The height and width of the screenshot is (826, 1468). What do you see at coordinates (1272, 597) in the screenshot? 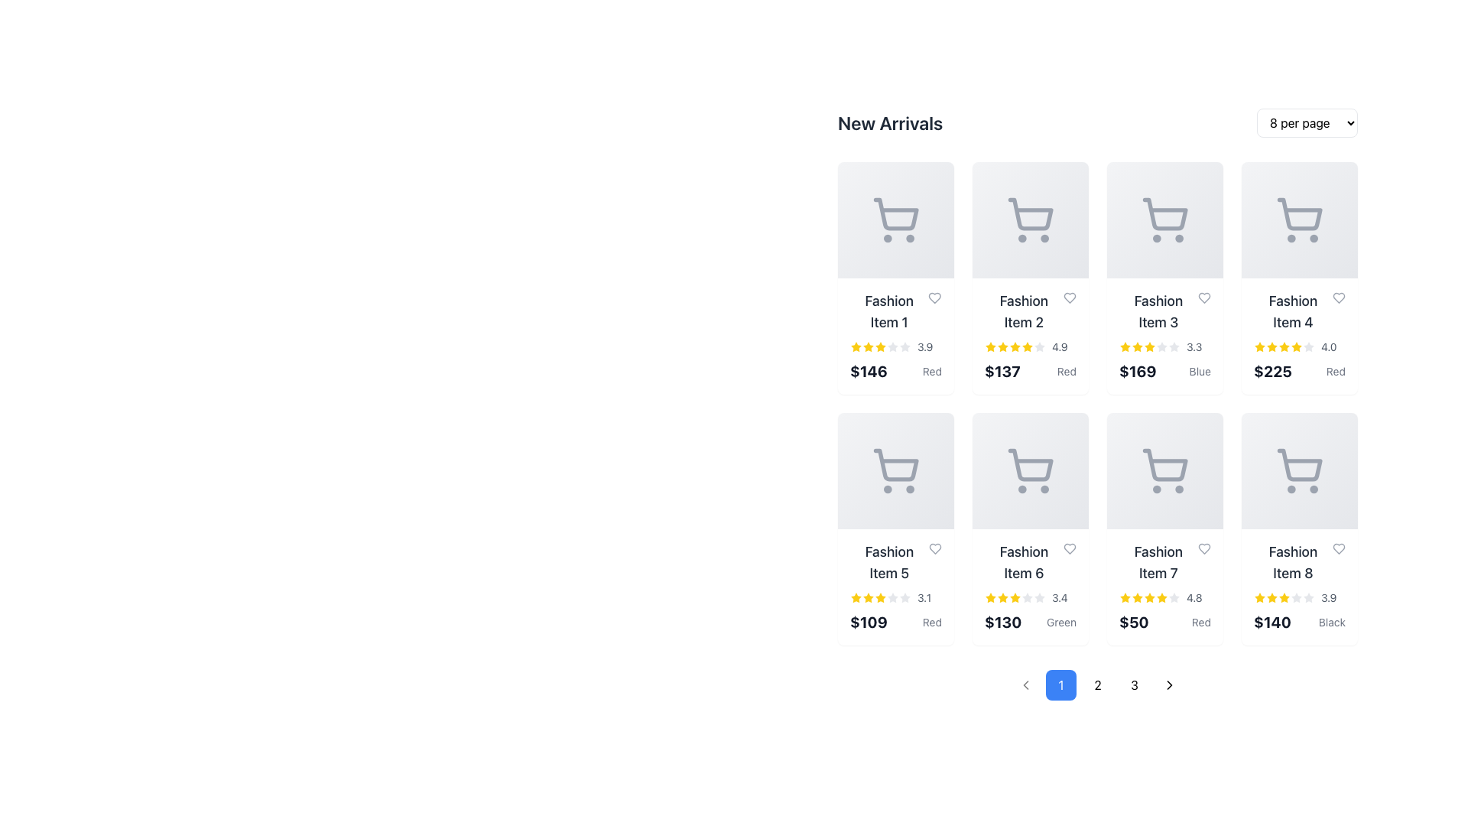
I see `the state of the third yellow rating star icon representing 'Fashion Item 8' in the rating section` at bounding box center [1272, 597].